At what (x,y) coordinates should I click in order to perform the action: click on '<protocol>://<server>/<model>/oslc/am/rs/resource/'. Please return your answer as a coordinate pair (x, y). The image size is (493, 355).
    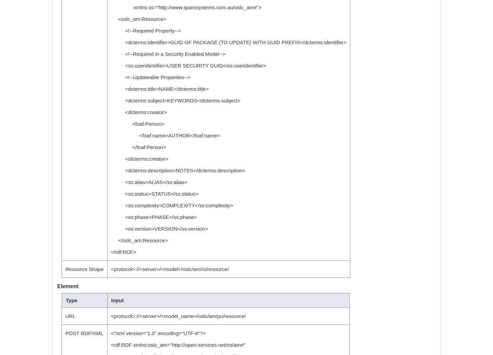
    Looking at the image, I should click on (169, 269).